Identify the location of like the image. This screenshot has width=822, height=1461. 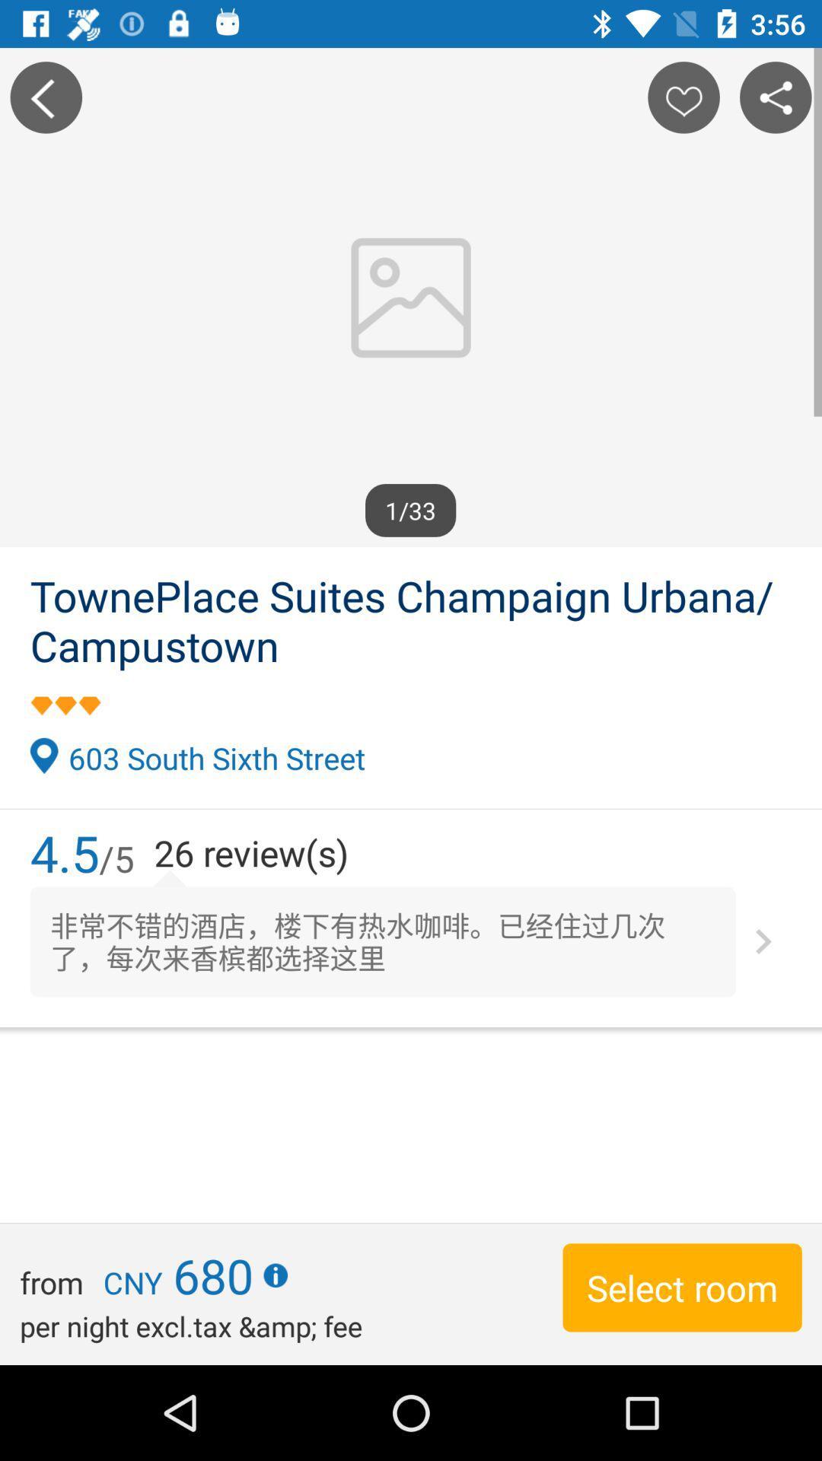
(683, 97).